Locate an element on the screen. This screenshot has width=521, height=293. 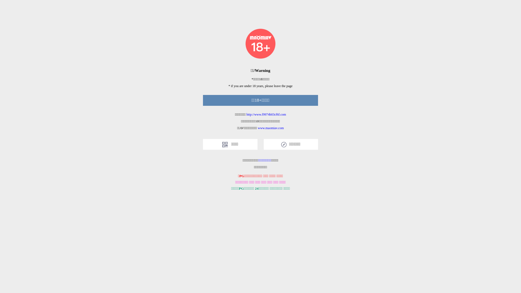
'www.maomiav.com' is located at coordinates (258, 128).